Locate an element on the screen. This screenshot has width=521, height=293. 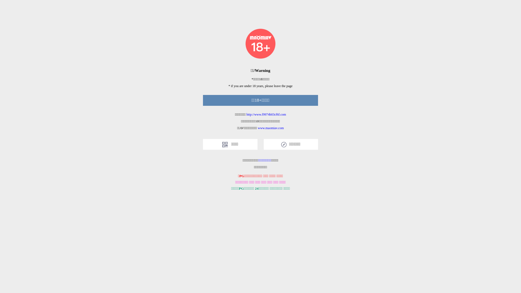
'www.maomiav.com' is located at coordinates (258, 128).